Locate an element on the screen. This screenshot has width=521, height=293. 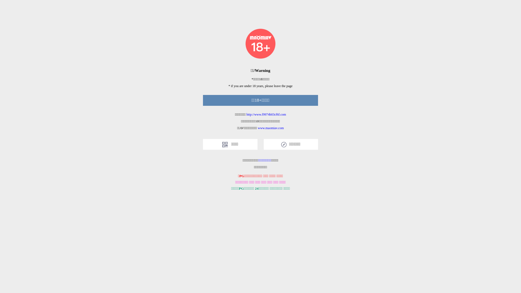
'www.maomiav.com' is located at coordinates (258, 128).